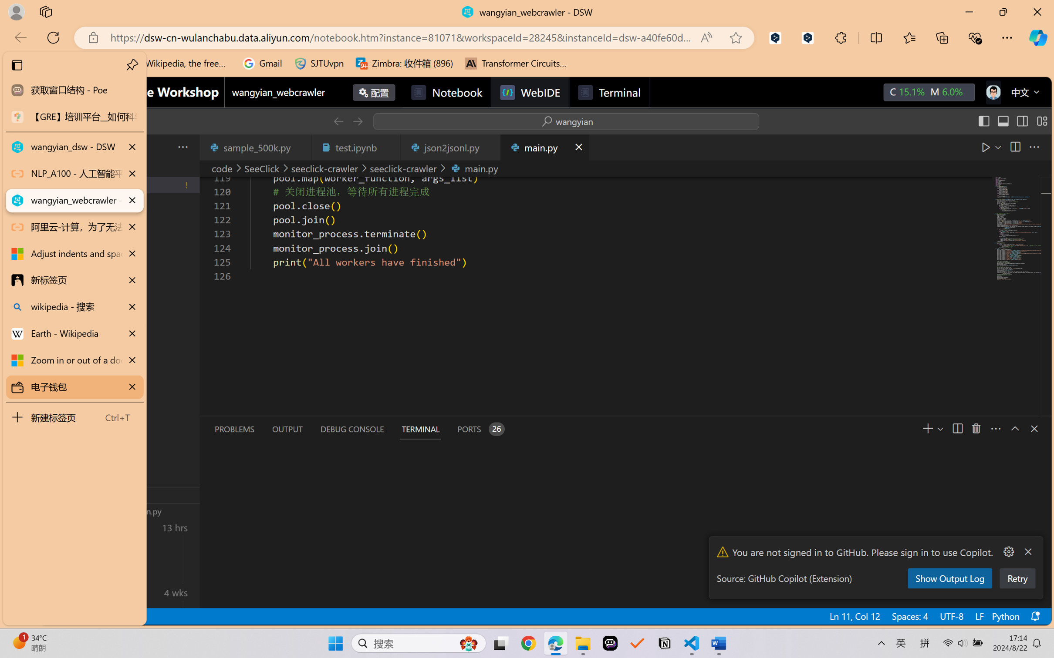 The width and height of the screenshot is (1054, 658). I want to click on 'Show Output Log', so click(949, 578).